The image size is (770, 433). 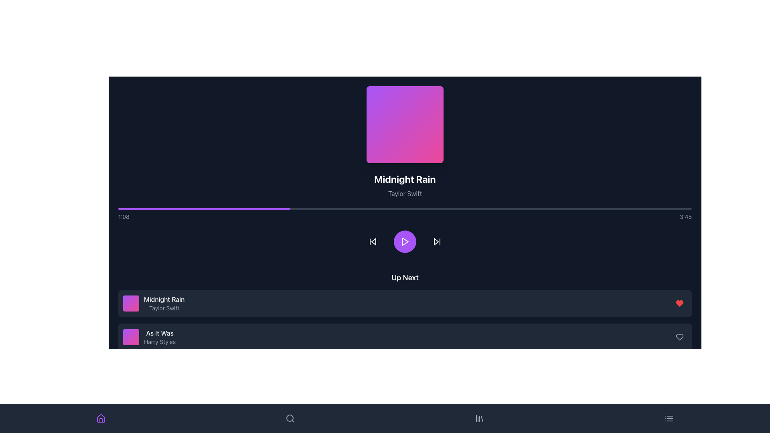 What do you see at coordinates (405, 214) in the screenshot?
I see `the media progress bar located centrally below 'Midnight Rain' and 'Taylor Swift' to seek to a specific position in the playback` at bounding box center [405, 214].